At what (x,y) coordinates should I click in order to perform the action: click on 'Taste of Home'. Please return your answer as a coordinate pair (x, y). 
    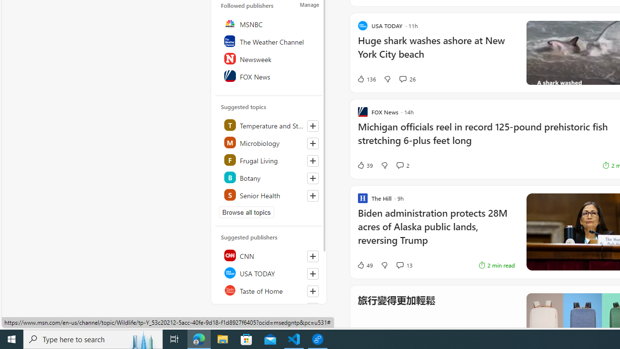
    Looking at the image, I should click on (269, 290).